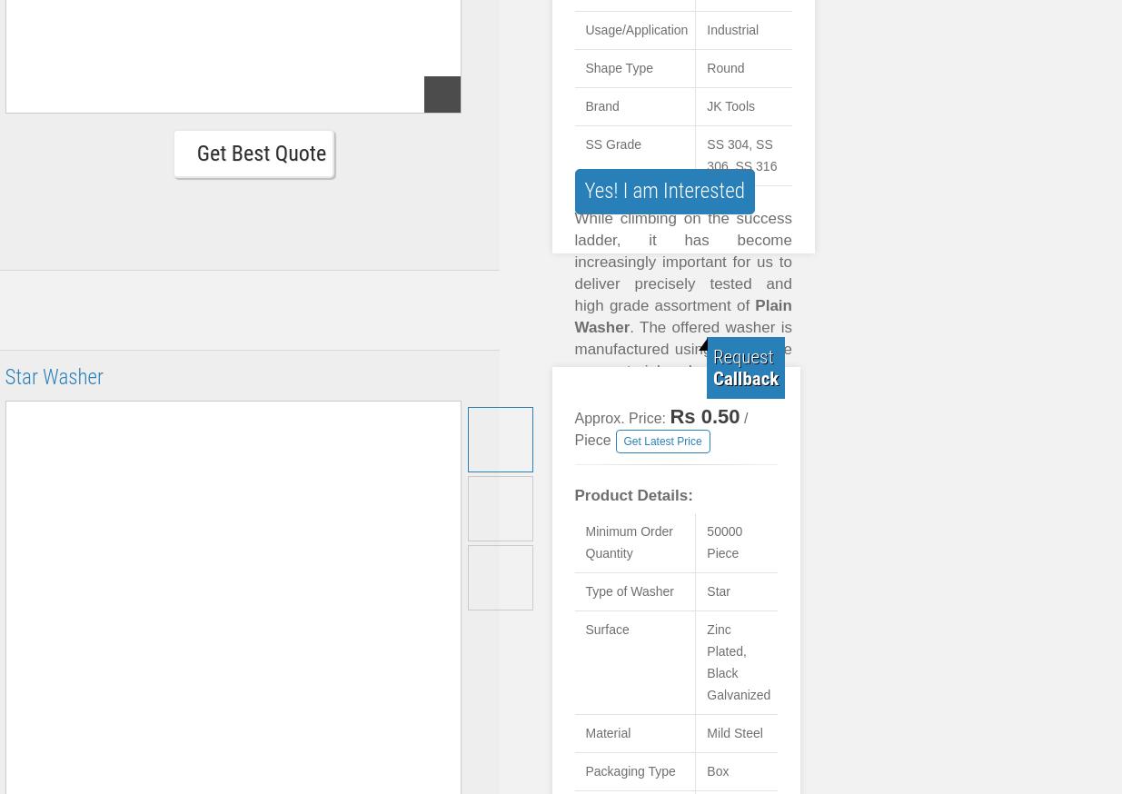 Image resolution: width=1122 pixels, height=794 pixels. Describe the element at coordinates (739, 661) in the screenshot. I see `'Zinc Plated, Black Galvanized'` at that location.